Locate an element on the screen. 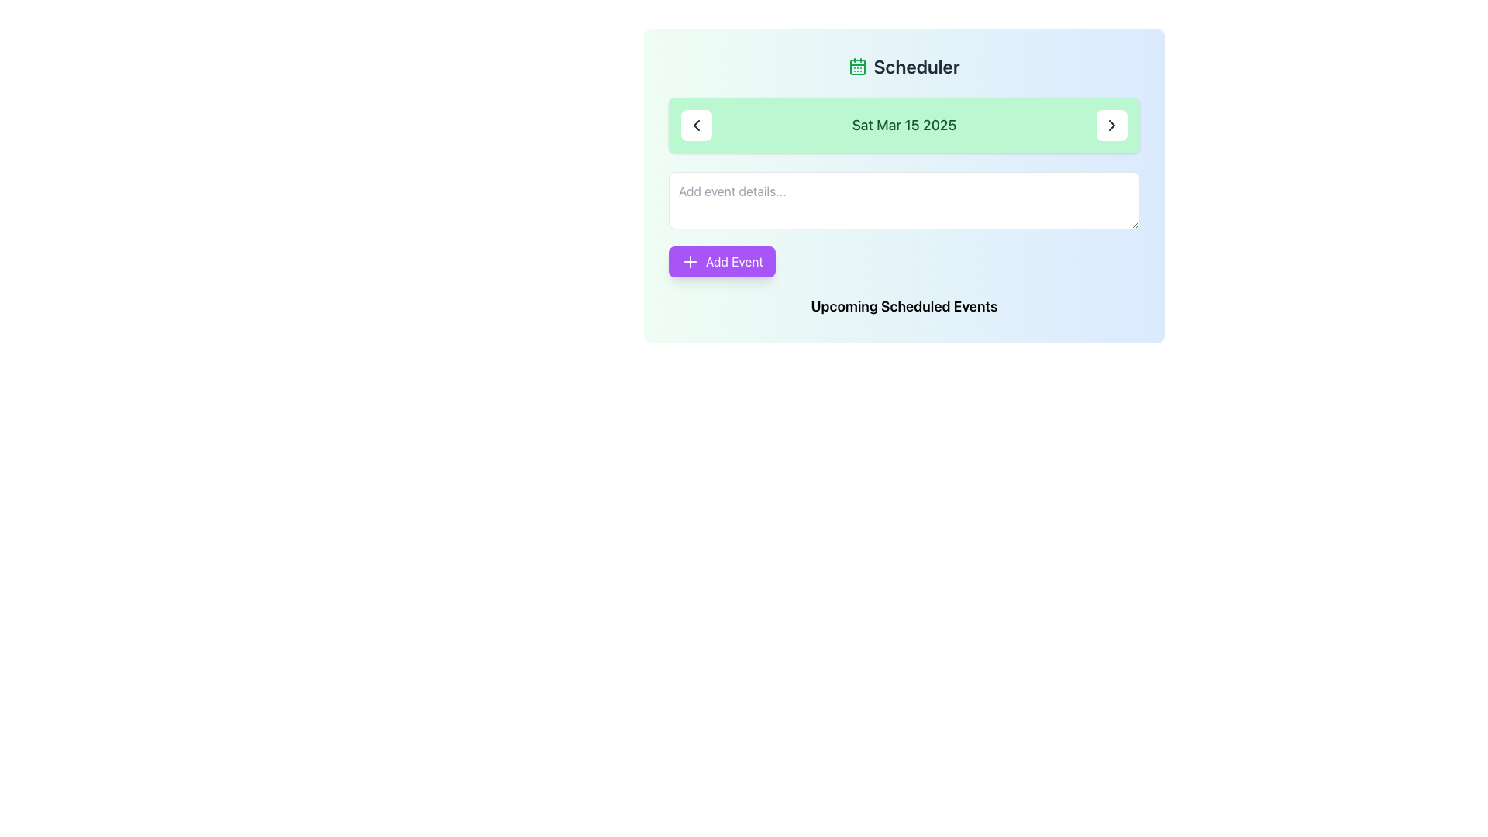  the Static Text Display that shows 'Sat Mar 15 2025' in a medium-sized green font, located within a pale green rectangular strip is located at coordinates (904, 125).